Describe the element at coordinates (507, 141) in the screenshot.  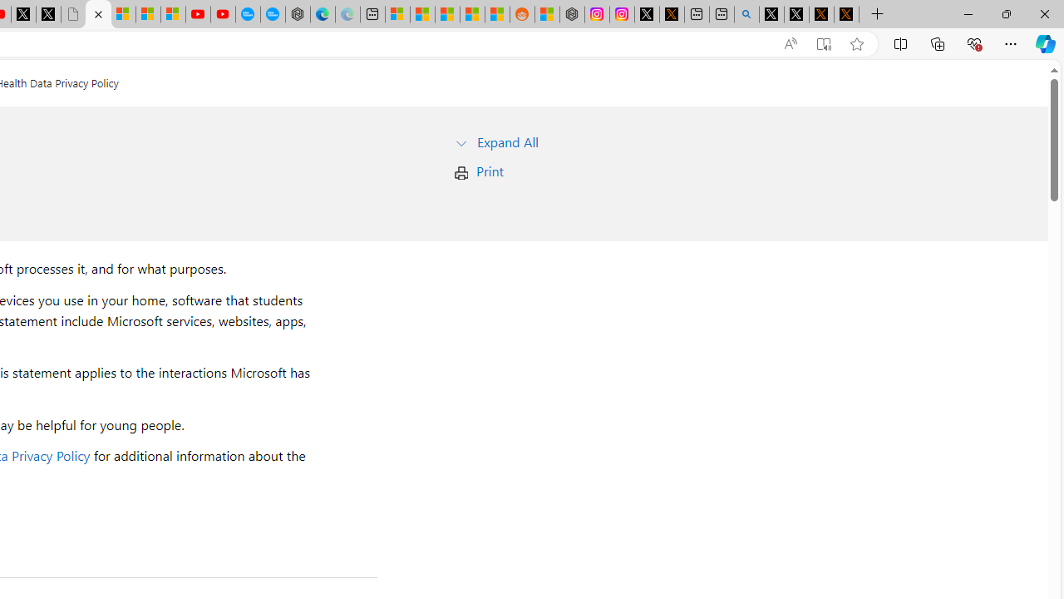
I see `'Expand All'` at that location.